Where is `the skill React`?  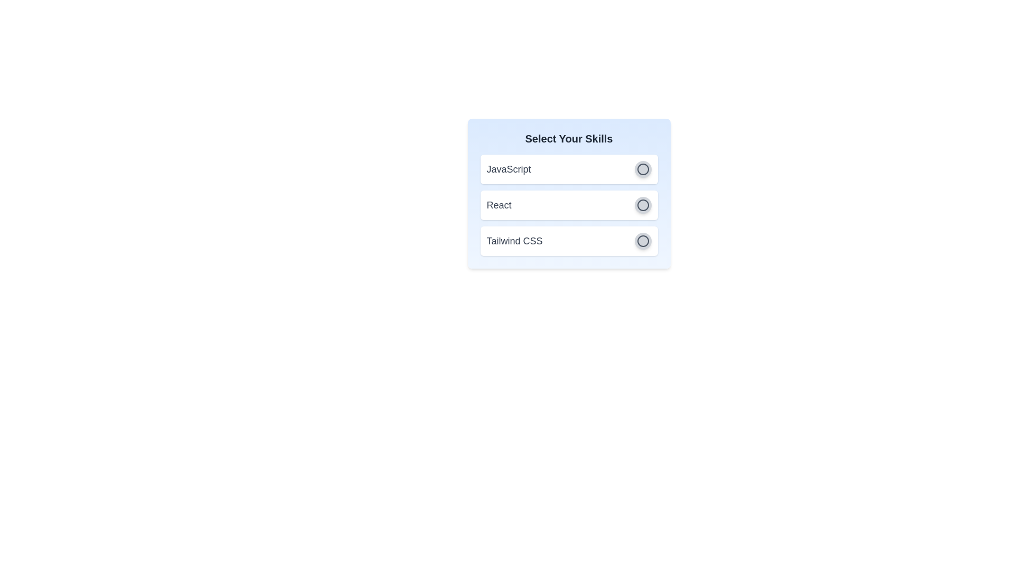 the skill React is located at coordinates (642, 205).